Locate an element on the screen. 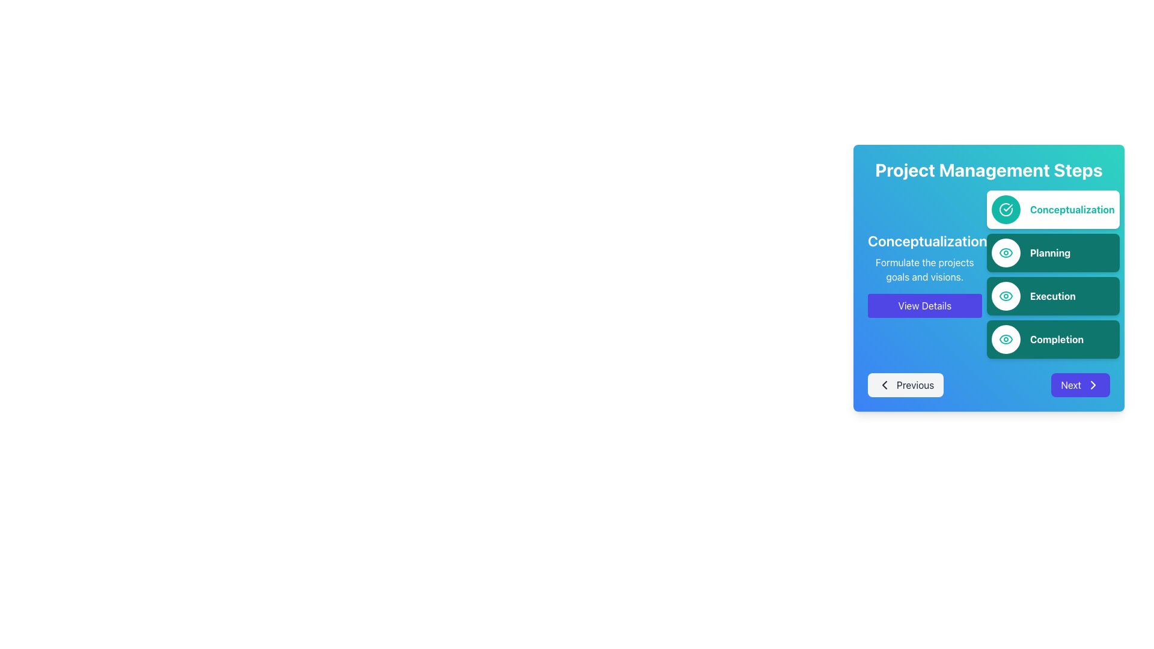 The height and width of the screenshot is (649, 1154). the status icon indicating the 'Conceptualization' step in the process flow, located to the left of the 'Conceptualization' text is located at coordinates (1006, 209).